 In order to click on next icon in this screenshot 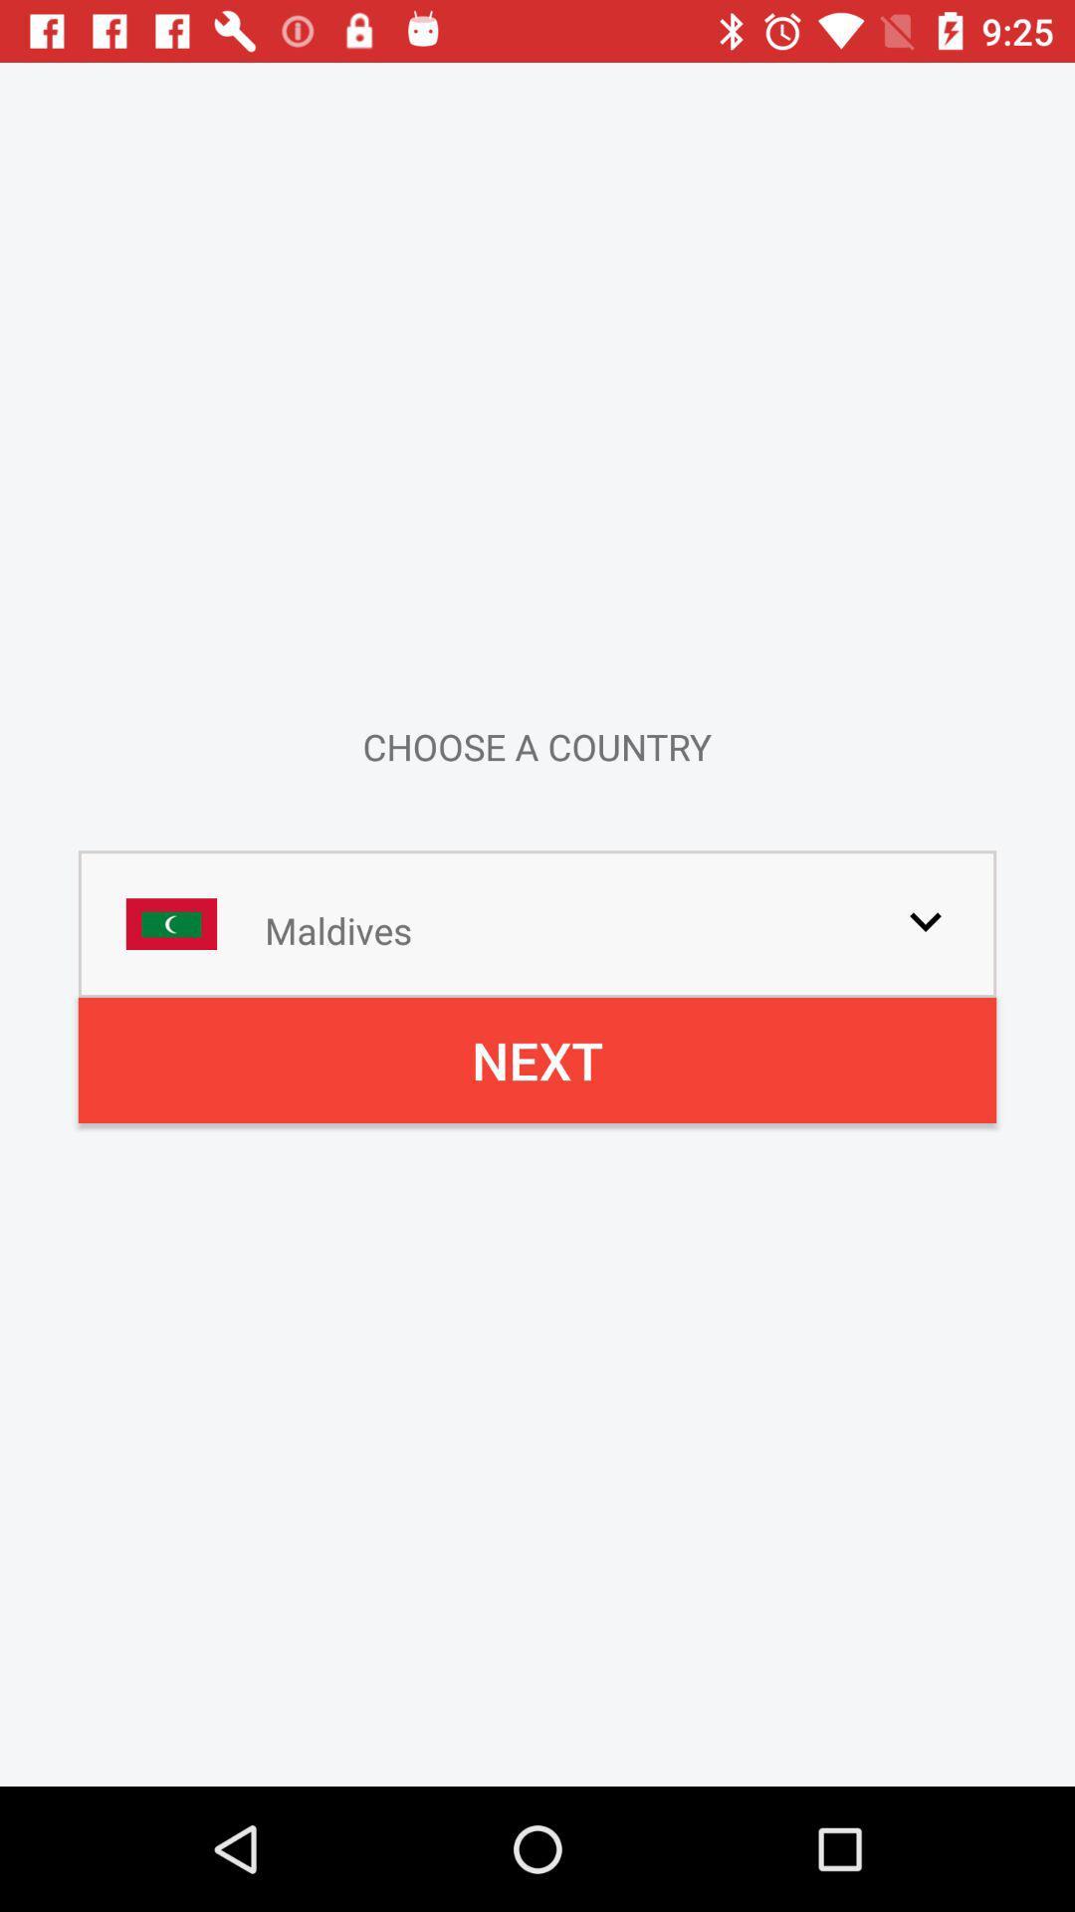, I will do `click(537, 1060)`.